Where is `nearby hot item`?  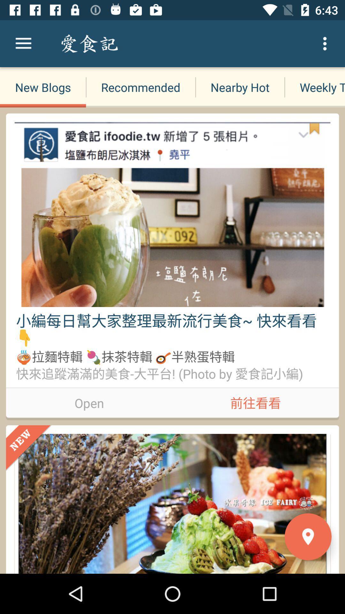 nearby hot item is located at coordinates (240, 87).